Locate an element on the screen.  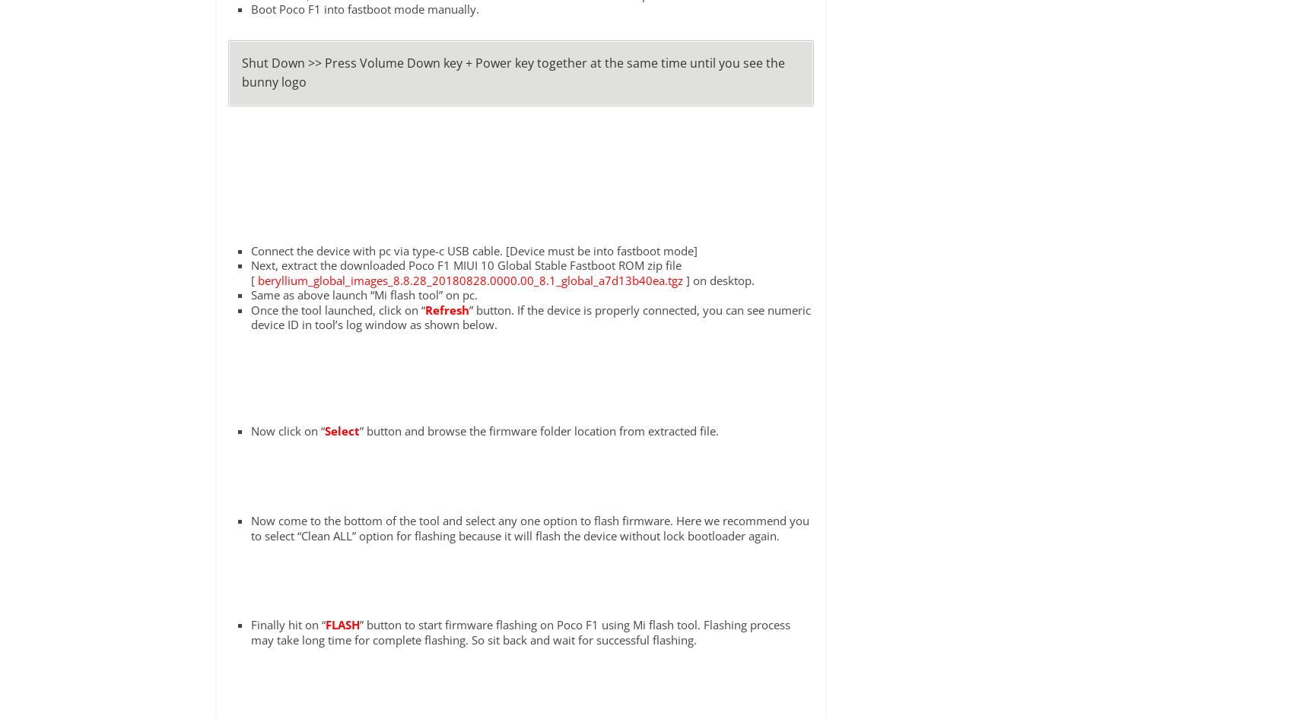
'” button and browse the firmware folder location from extracted file.' is located at coordinates (358, 429).